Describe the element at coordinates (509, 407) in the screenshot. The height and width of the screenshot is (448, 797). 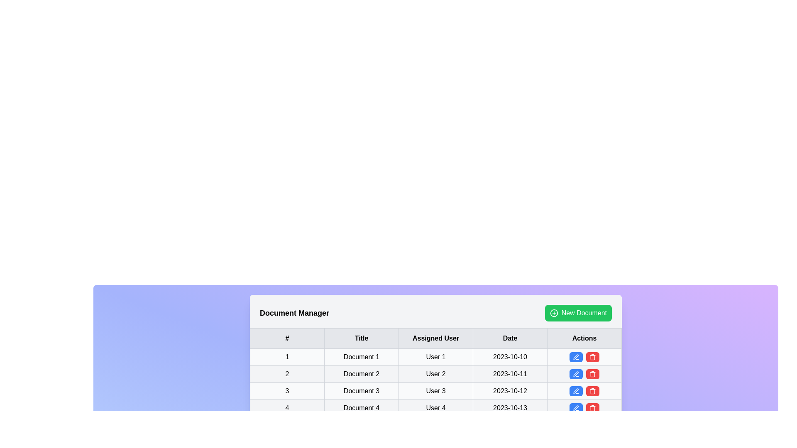
I see `the Table Cell in the 'Date' column of the fourth row` at that location.